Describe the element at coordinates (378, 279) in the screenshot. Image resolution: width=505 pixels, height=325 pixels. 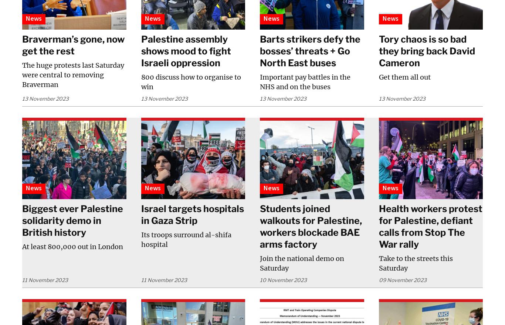
I see `'09 November 2023'` at that location.